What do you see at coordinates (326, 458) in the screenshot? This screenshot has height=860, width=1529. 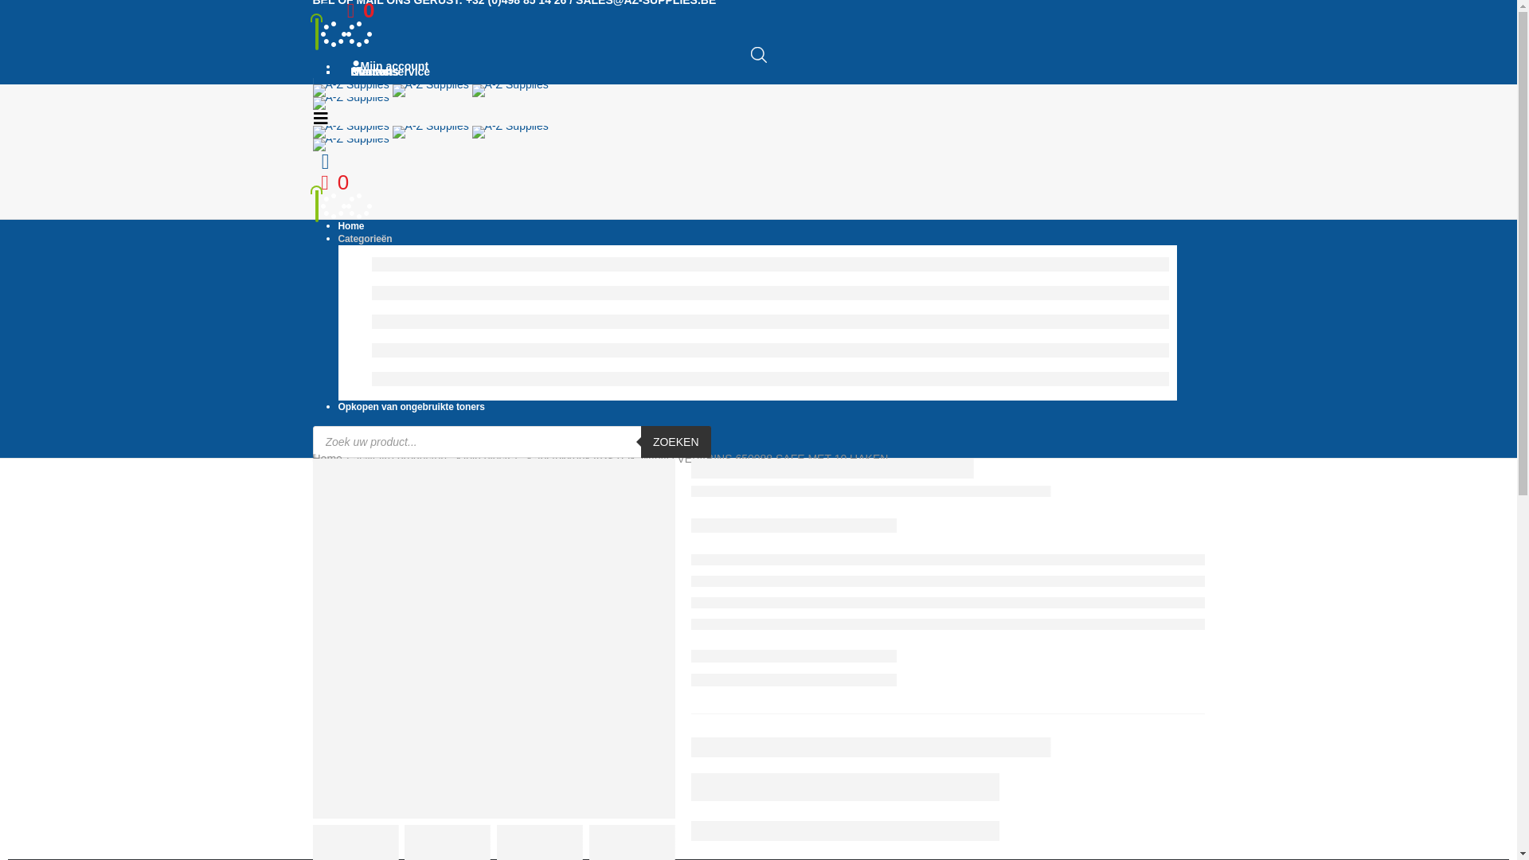 I see `'Home'` at bounding box center [326, 458].